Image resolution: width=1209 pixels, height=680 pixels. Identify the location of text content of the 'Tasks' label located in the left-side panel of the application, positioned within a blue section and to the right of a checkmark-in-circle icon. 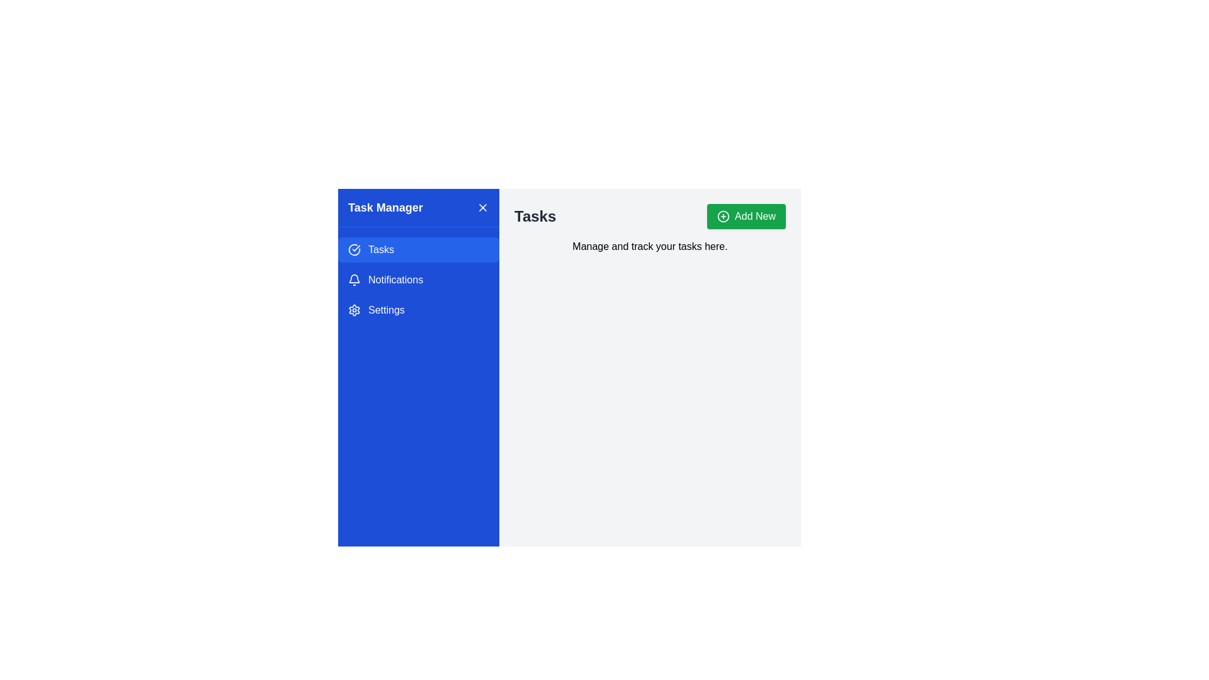
(380, 250).